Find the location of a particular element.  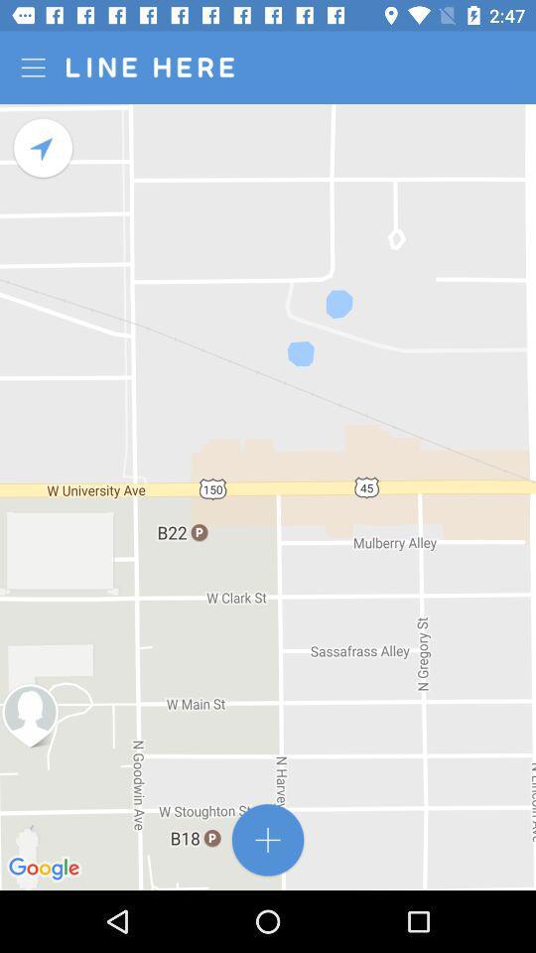

the menu icon is located at coordinates (35, 68).